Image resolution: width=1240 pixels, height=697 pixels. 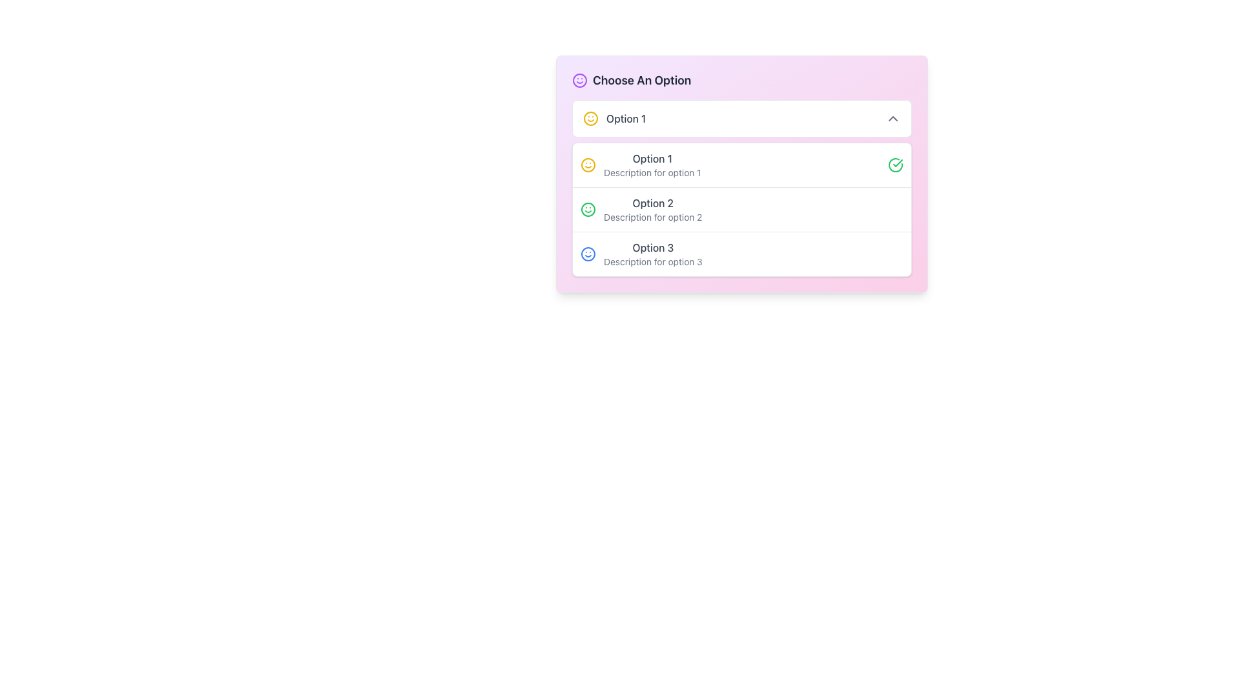 What do you see at coordinates (653, 208) in the screenshot?
I see `to select the list item containing 'Option 2' which is positioned below 'Option 1' and above 'Option 3'` at bounding box center [653, 208].